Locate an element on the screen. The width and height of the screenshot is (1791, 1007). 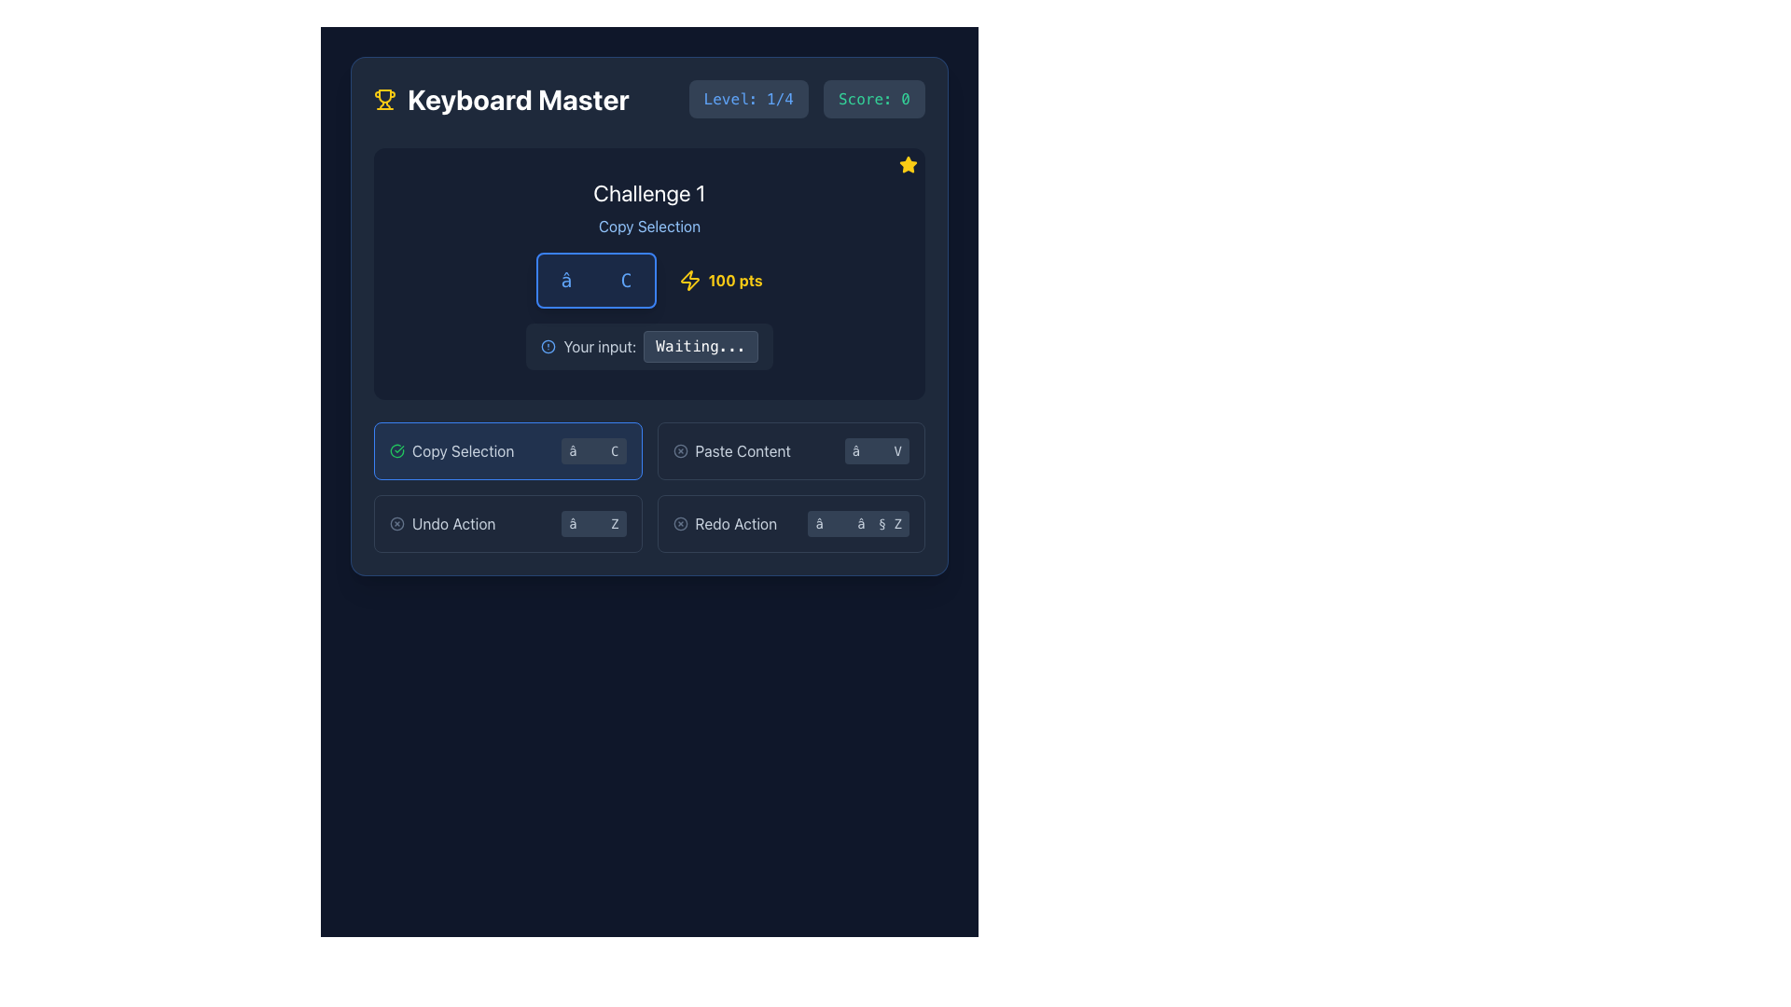
the central Circle element within the 'Keyboard Master' panel, located at the upper-right corner, which serves a decorative or indicative function is located at coordinates (679, 524).